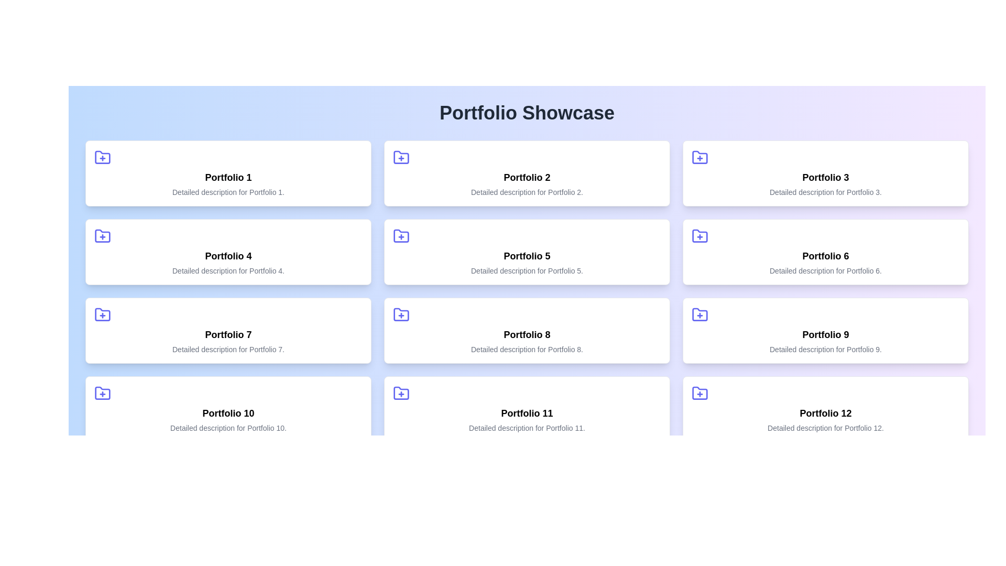 This screenshot has height=566, width=1006. I want to click on the folder icon located at the top-left corner of the 'Portfolio 2' card in the grid layout, so click(401, 157).